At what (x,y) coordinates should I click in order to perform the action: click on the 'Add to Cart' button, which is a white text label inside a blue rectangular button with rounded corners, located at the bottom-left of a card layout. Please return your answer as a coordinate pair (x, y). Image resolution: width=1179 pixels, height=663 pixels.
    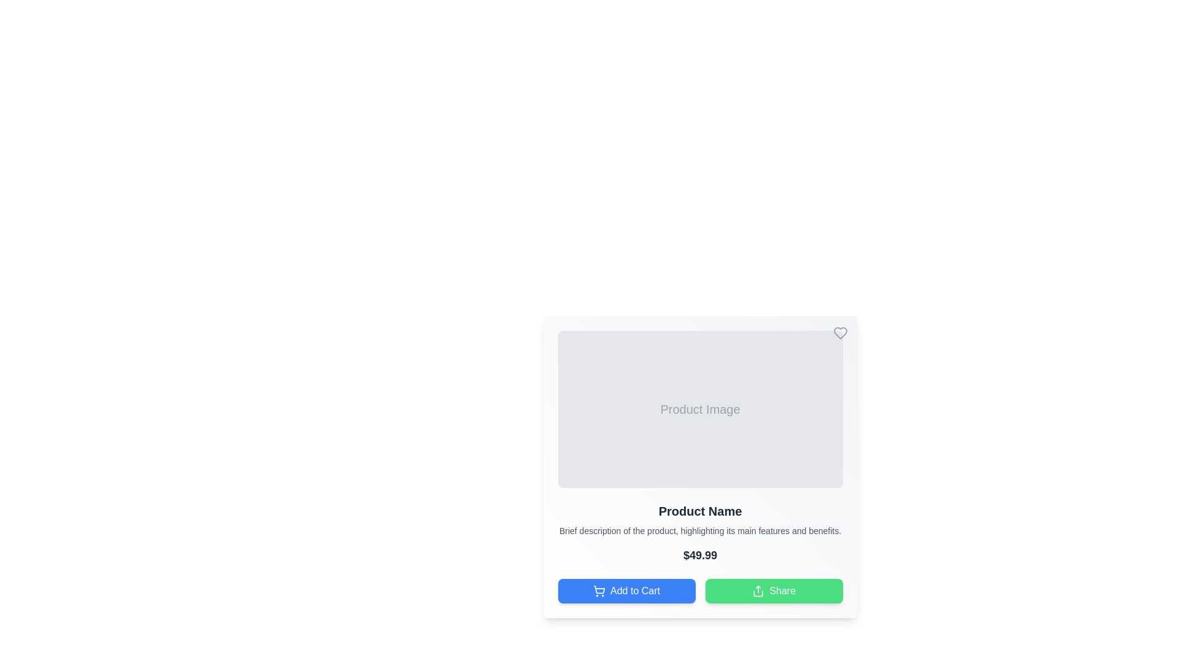
    Looking at the image, I should click on (635, 591).